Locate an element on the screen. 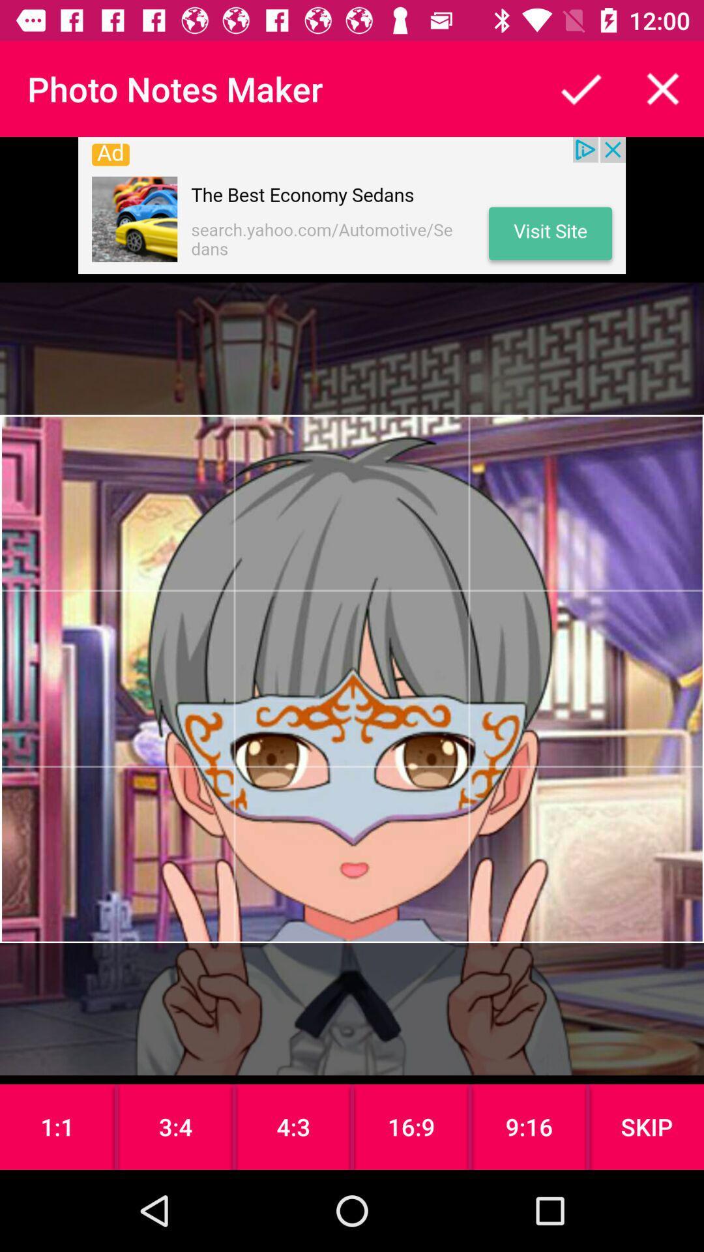  close is located at coordinates (663, 88).